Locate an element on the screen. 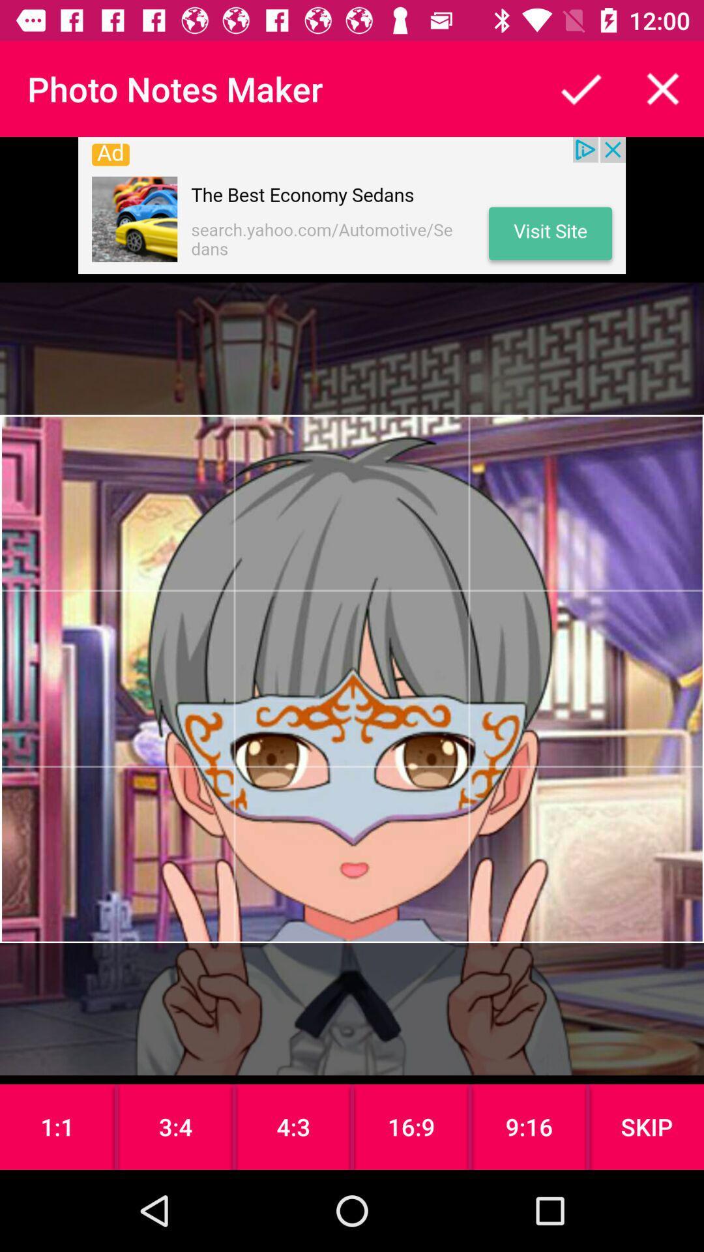  close is located at coordinates (663, 88).